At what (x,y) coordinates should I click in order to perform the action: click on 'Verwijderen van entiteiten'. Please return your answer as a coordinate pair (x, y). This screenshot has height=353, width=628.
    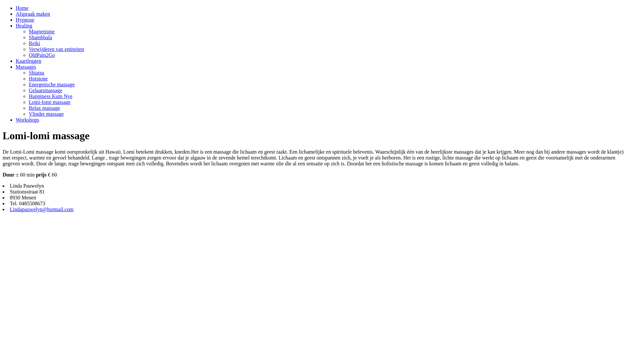
    Looking at the image, I should click on (28, 49).